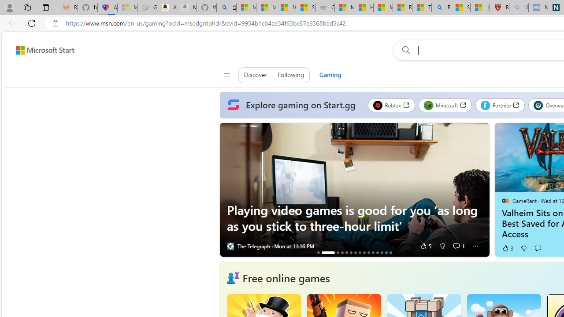  I want to click on 'Skip to content', so click(41, 50).